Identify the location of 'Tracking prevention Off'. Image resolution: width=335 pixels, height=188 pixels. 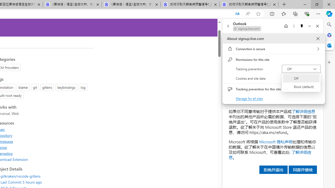
(301, 68).